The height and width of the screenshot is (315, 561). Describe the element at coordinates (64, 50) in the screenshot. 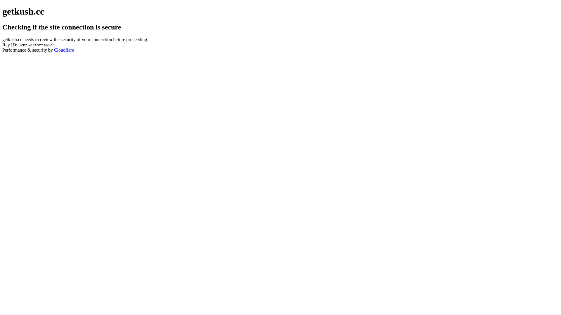

I see `'Cloudflare'` at that location.